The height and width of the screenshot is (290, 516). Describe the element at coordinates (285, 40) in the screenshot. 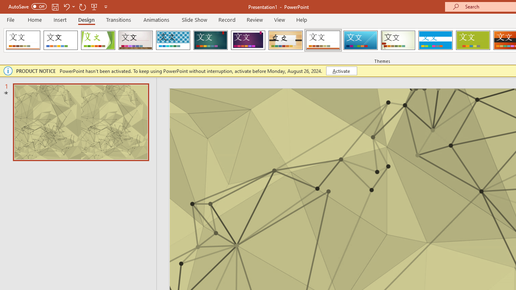

I see `'Organic'` at that location.